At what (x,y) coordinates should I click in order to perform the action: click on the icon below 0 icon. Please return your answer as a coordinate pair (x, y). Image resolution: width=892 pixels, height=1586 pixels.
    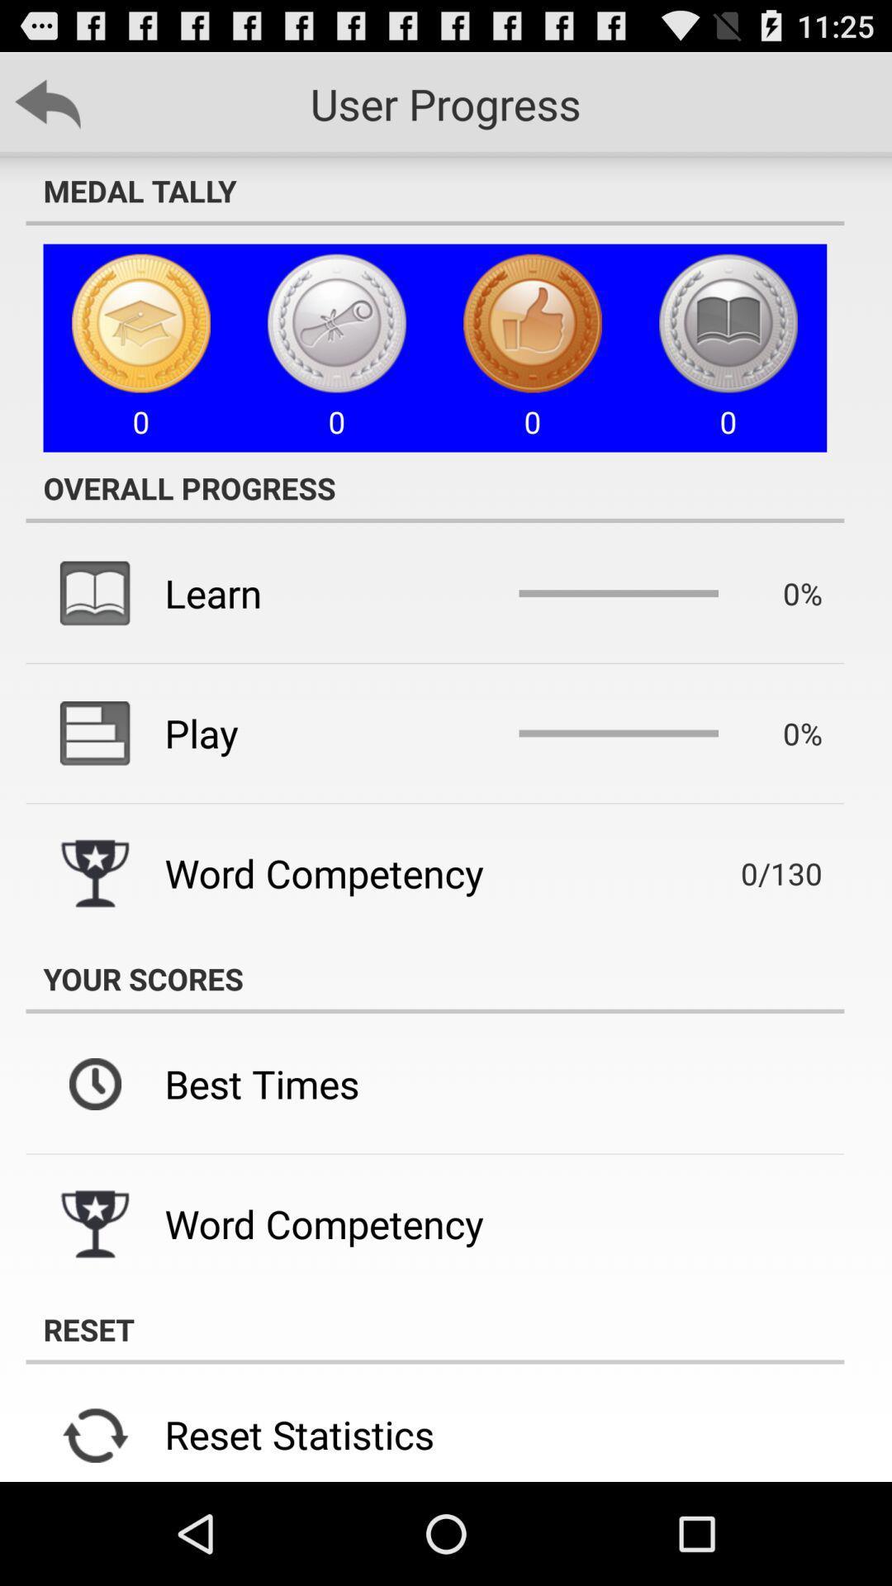
    Looking at the image, I should click on (434, 487).